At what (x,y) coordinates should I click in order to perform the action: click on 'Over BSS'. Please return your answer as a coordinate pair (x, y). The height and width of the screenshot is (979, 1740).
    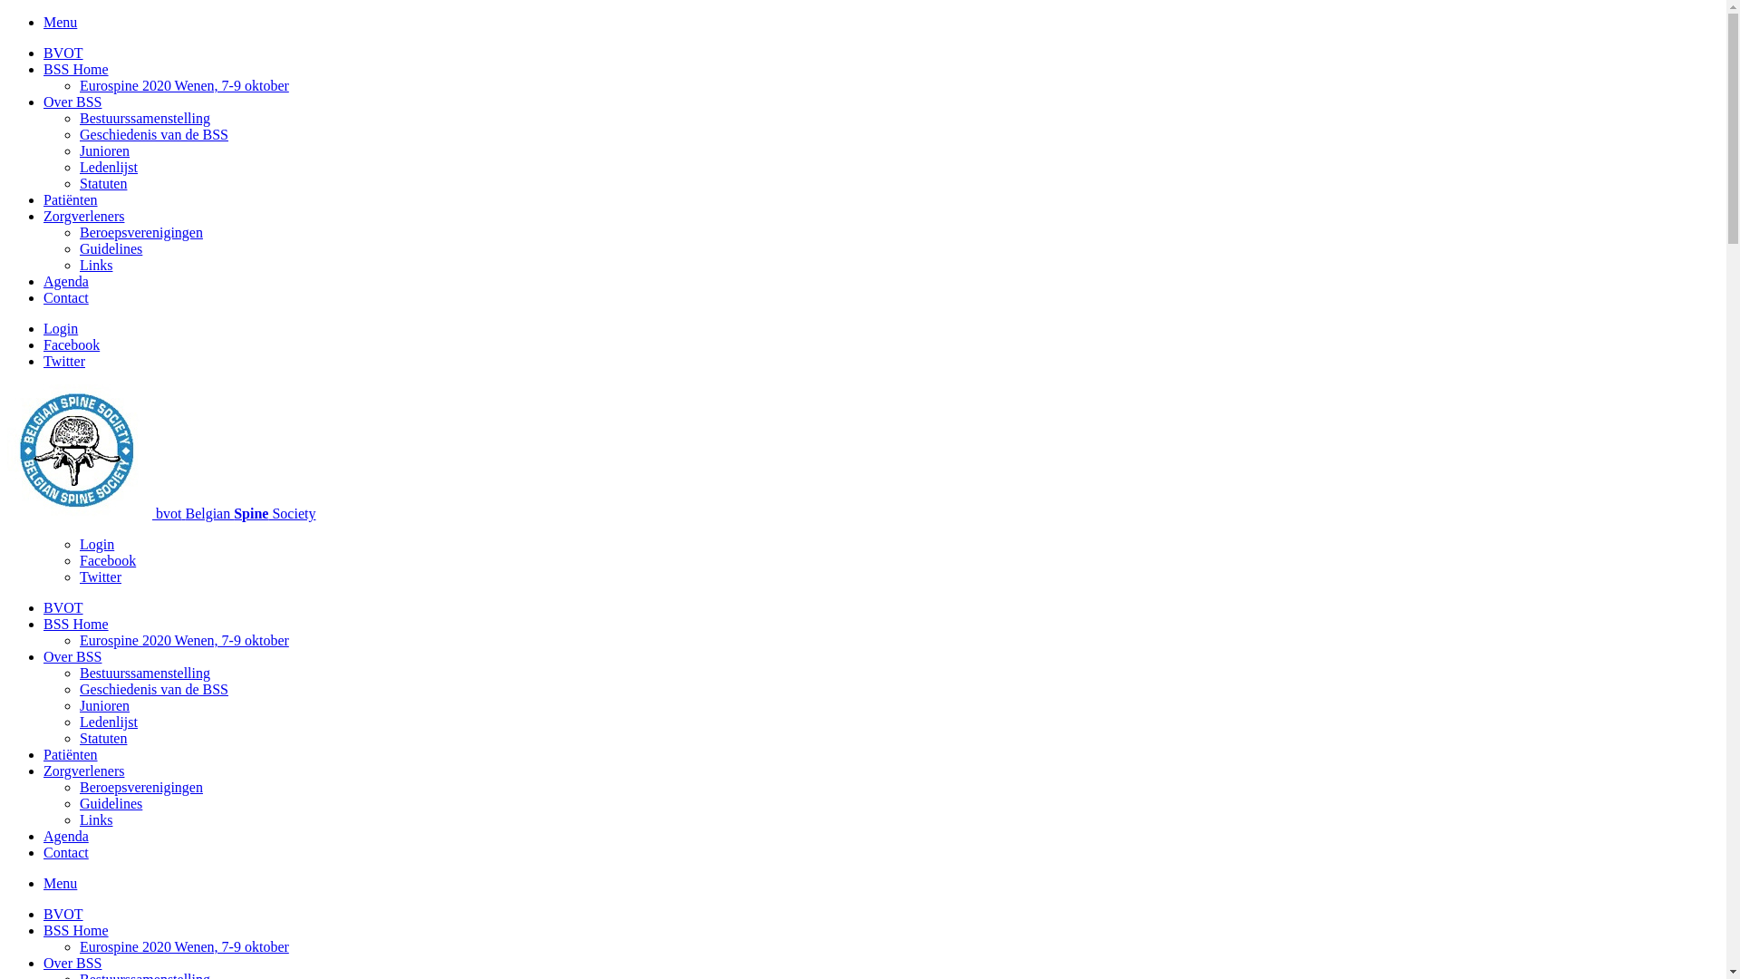
    Looking at the image, I should click on (72, 962).